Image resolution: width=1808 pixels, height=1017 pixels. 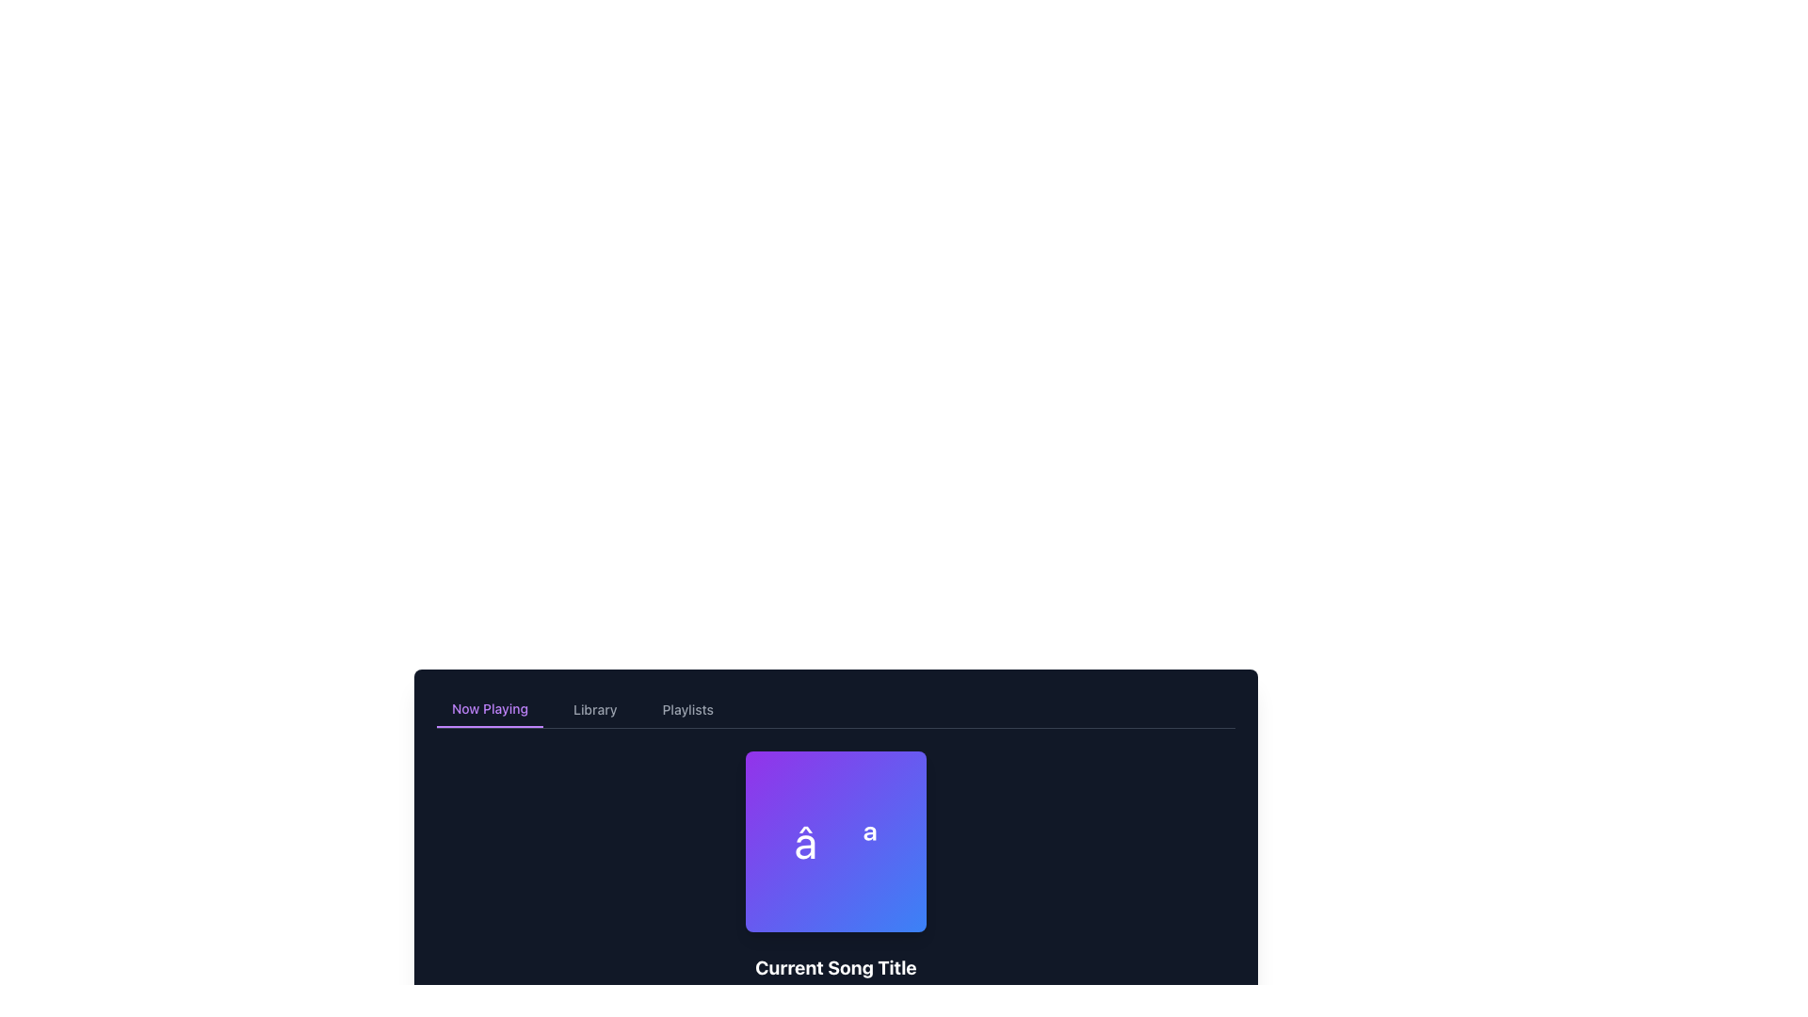 I want to click on the 'Current Song Title' static text label, which is displayed in bold, capitalized white letters at the bottom of the music interface panel, so click(x=835, y=968).